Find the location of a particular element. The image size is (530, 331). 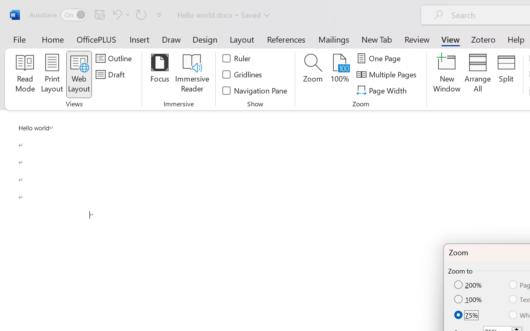

'AutoSave' is located at coordinates (58, 14).